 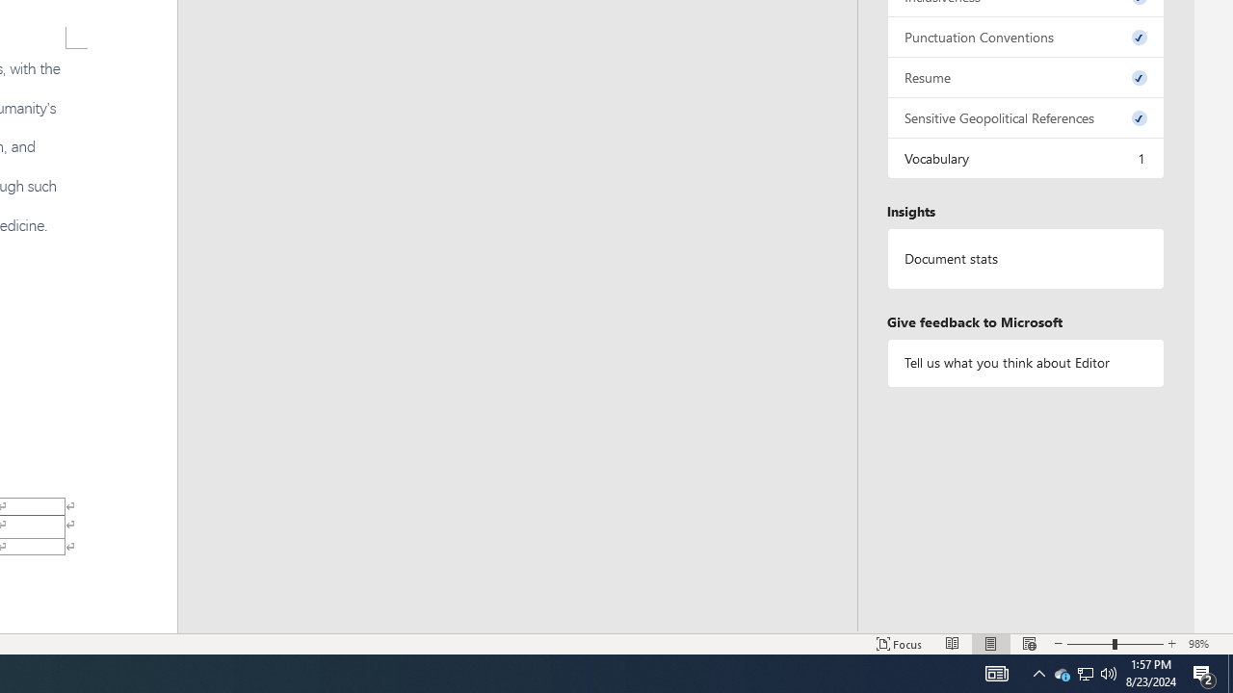 What do you see at coordinates (1024, 76) in the screenshot?
I see `'Resume, 0 issues. Press space or enter to review items.'` at bounding box center [1024, 76].